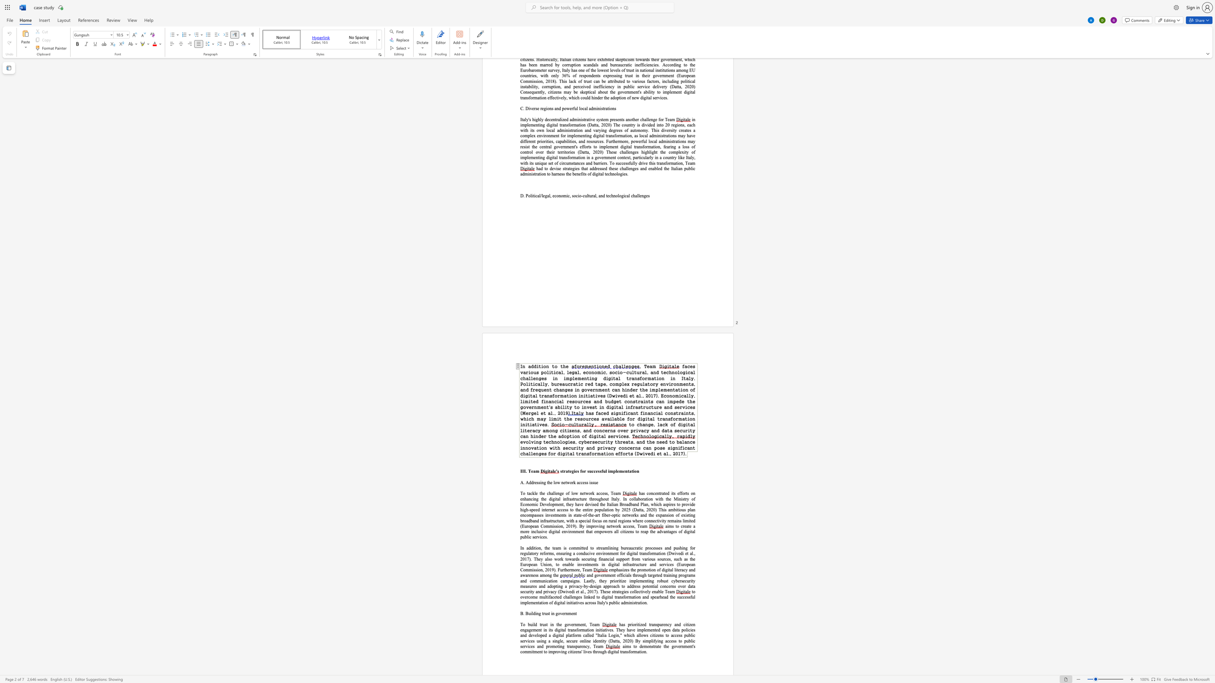 Image resolution: width=1215 pixels, height=683 pixels. What do you see at coordinates (590, 173) in the screenshot?
I see `the 2th character "f" in the text` at bounding box center [590, 173].